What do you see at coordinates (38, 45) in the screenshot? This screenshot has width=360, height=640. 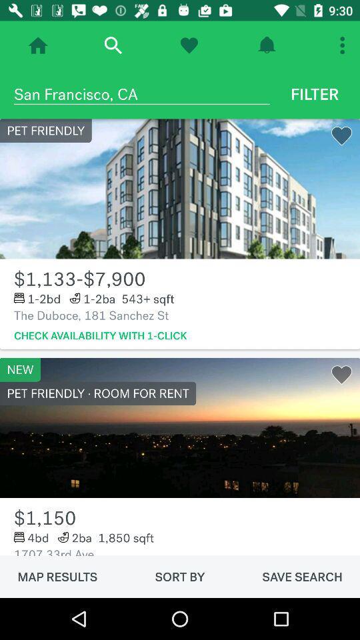 I see `home page` at bounding box center [38, 45].